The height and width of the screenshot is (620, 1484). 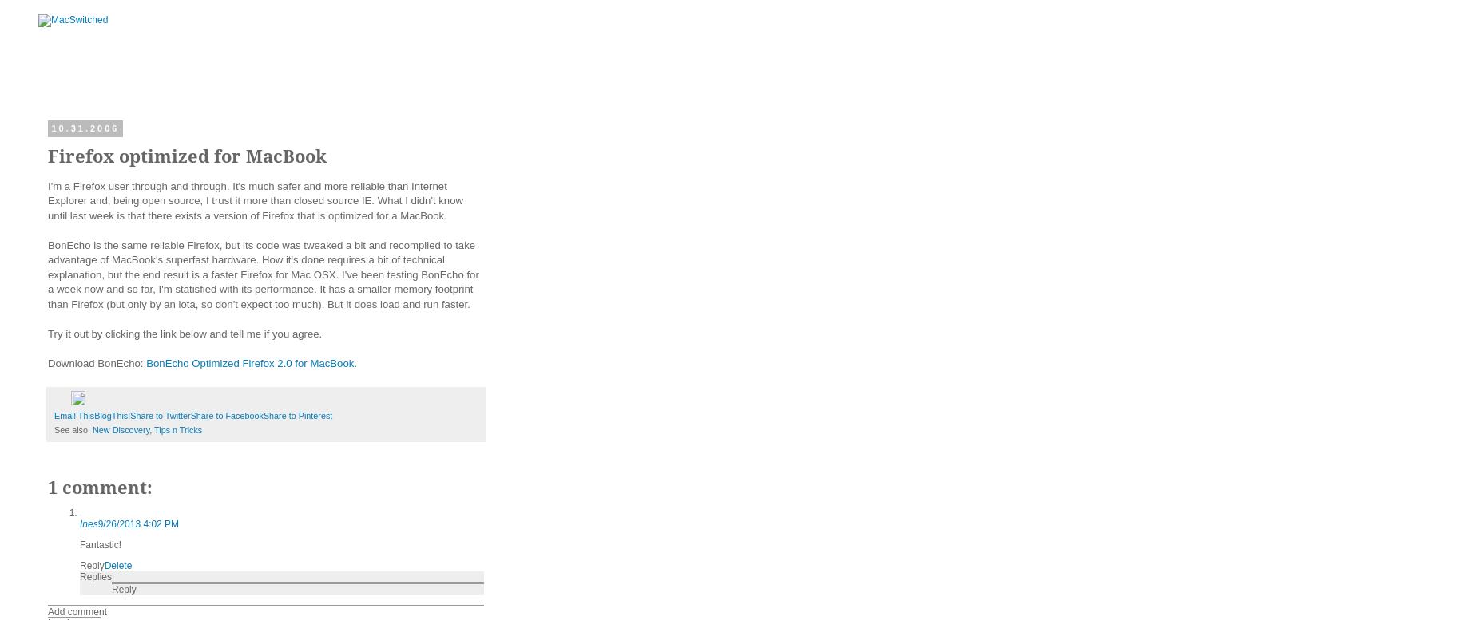 What do you see at coordinates (159, 414) in the screenshot?
I see `'Share to Twitter'` at bounding box center [159, 414].